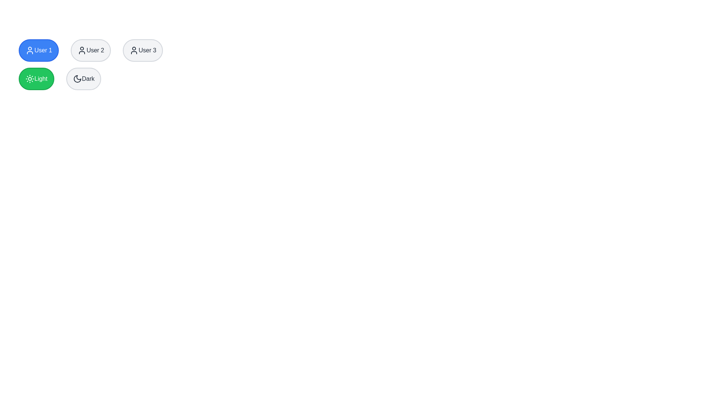 The height and width of the screenshot is (404, 719). I want to click on the crescent moon icon inside the 'Dark' button, which is located in the lower row to the right of the 'Light' button, so click(77, 79).